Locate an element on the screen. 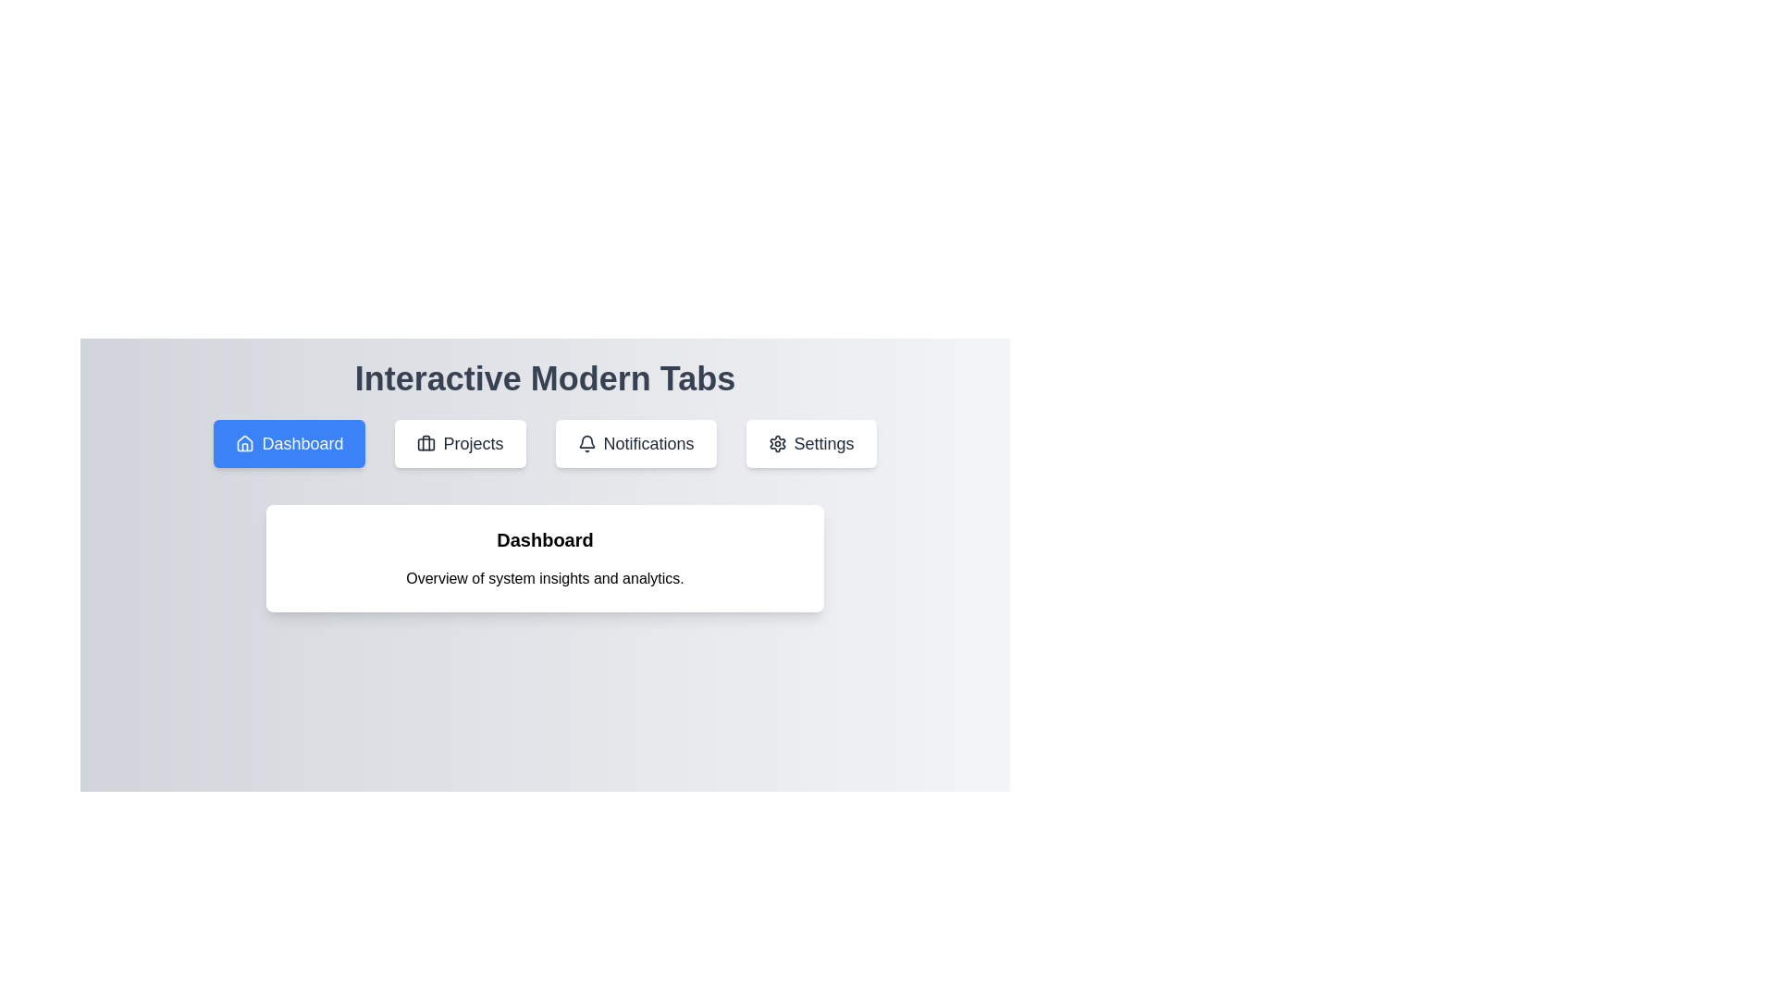 This screenshot has height=999, width=1776. the house-shaped icon with a simplistic outline, white color, and blue background, located to the left of the 'Dashboard' text is located at coordinates (244, 443).